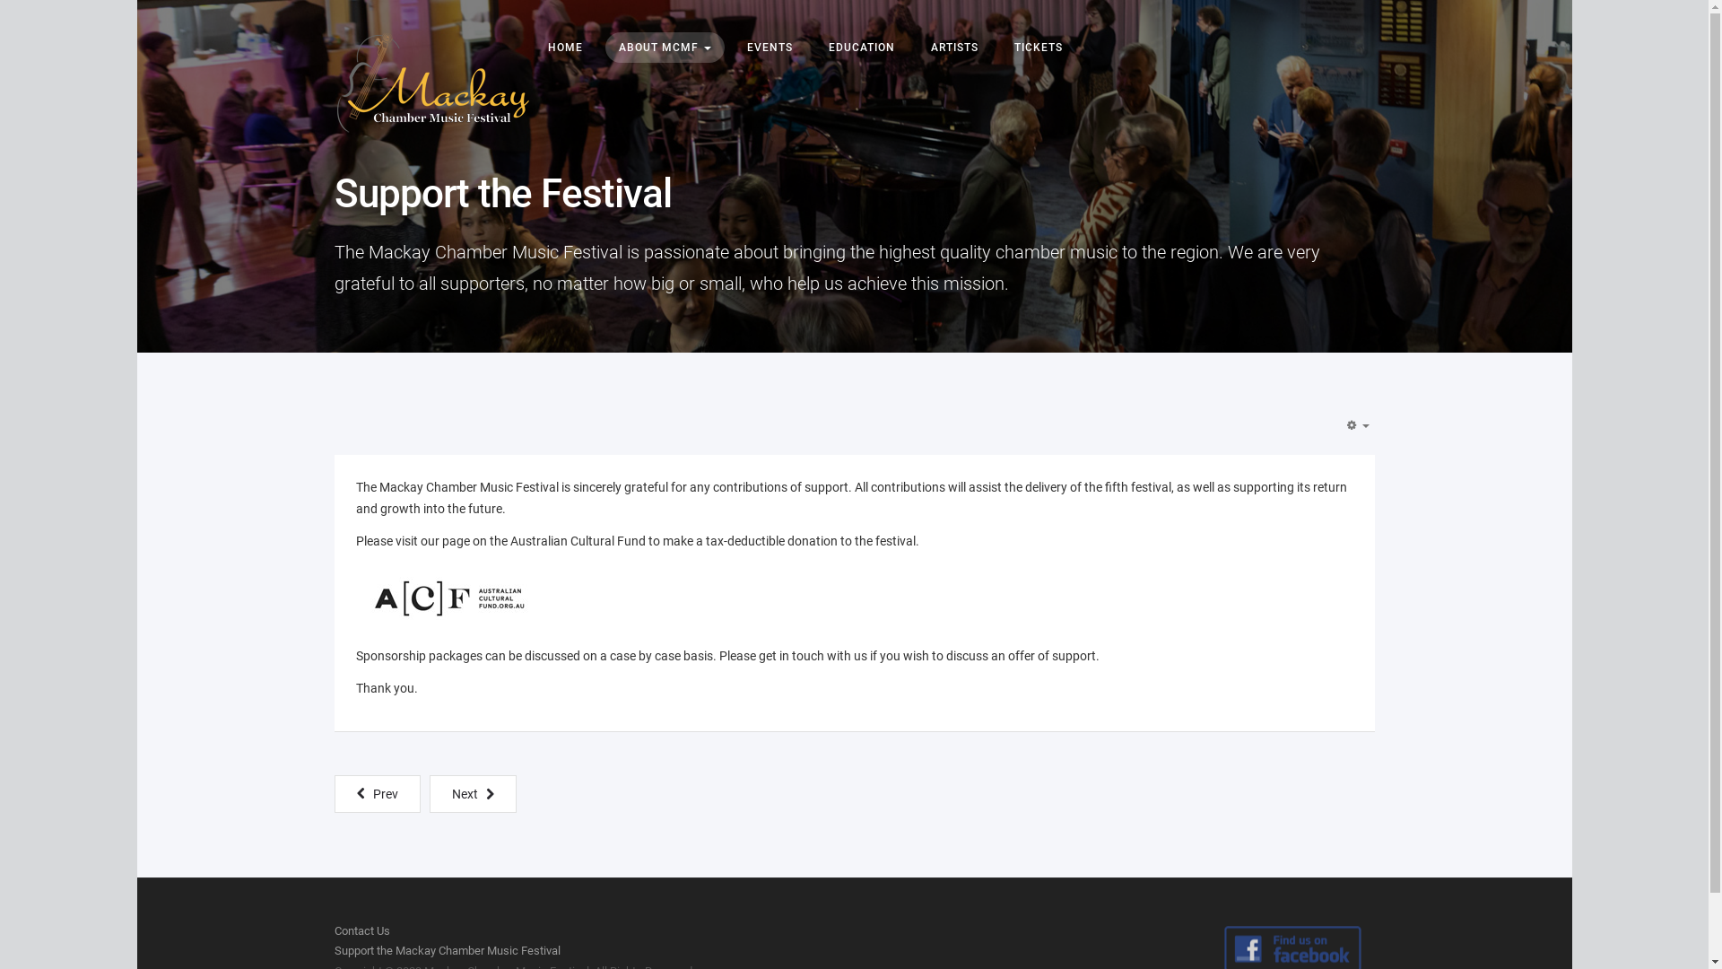 This screenshot has width=1722, height=969. Describe the element at coordinates (472, 792) in the screenshot. I see `'Next'` at that location.